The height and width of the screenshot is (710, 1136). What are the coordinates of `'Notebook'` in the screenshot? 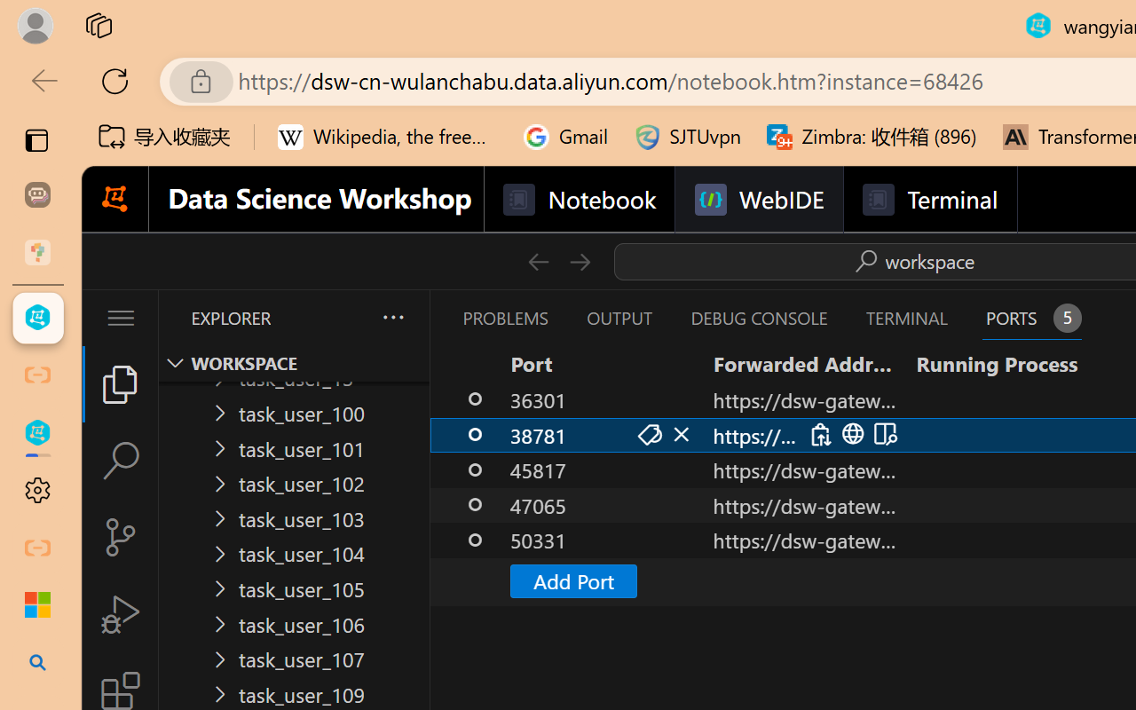 It's located at (579, 200).